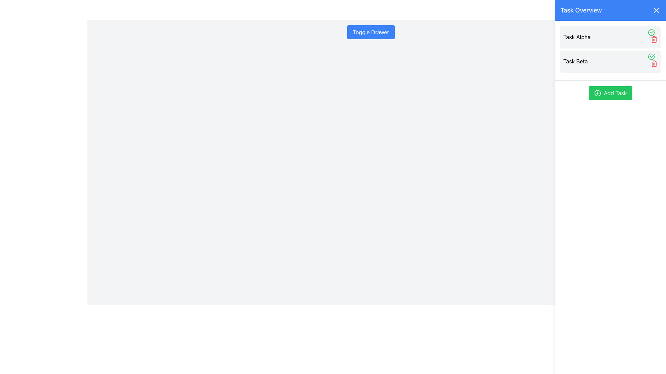 This screenshot has height=374, width=666. What do you see at coordinates (656, 10) in the screenshot?
I see `the Close Button (Icon) located in the top-right corner of the 'Task Overview' panel` at bounding box center [656, 10].